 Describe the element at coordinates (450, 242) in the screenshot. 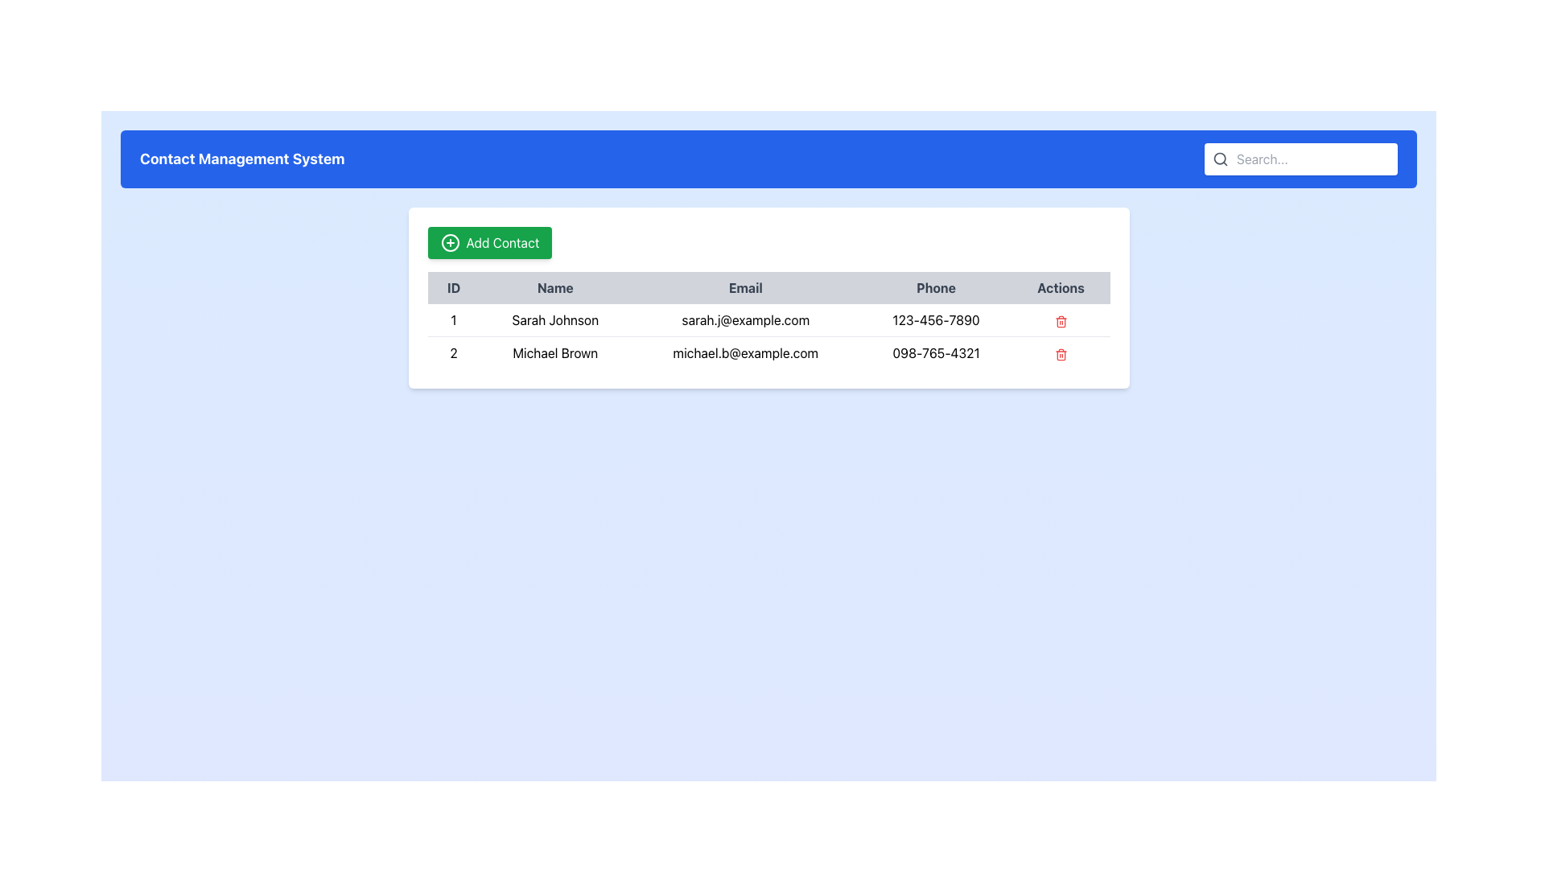

I see `the circular green icon with a white plus sign located on the left side of the 'Add Contact' button in the top-left corner of the box containing a table` at that location.